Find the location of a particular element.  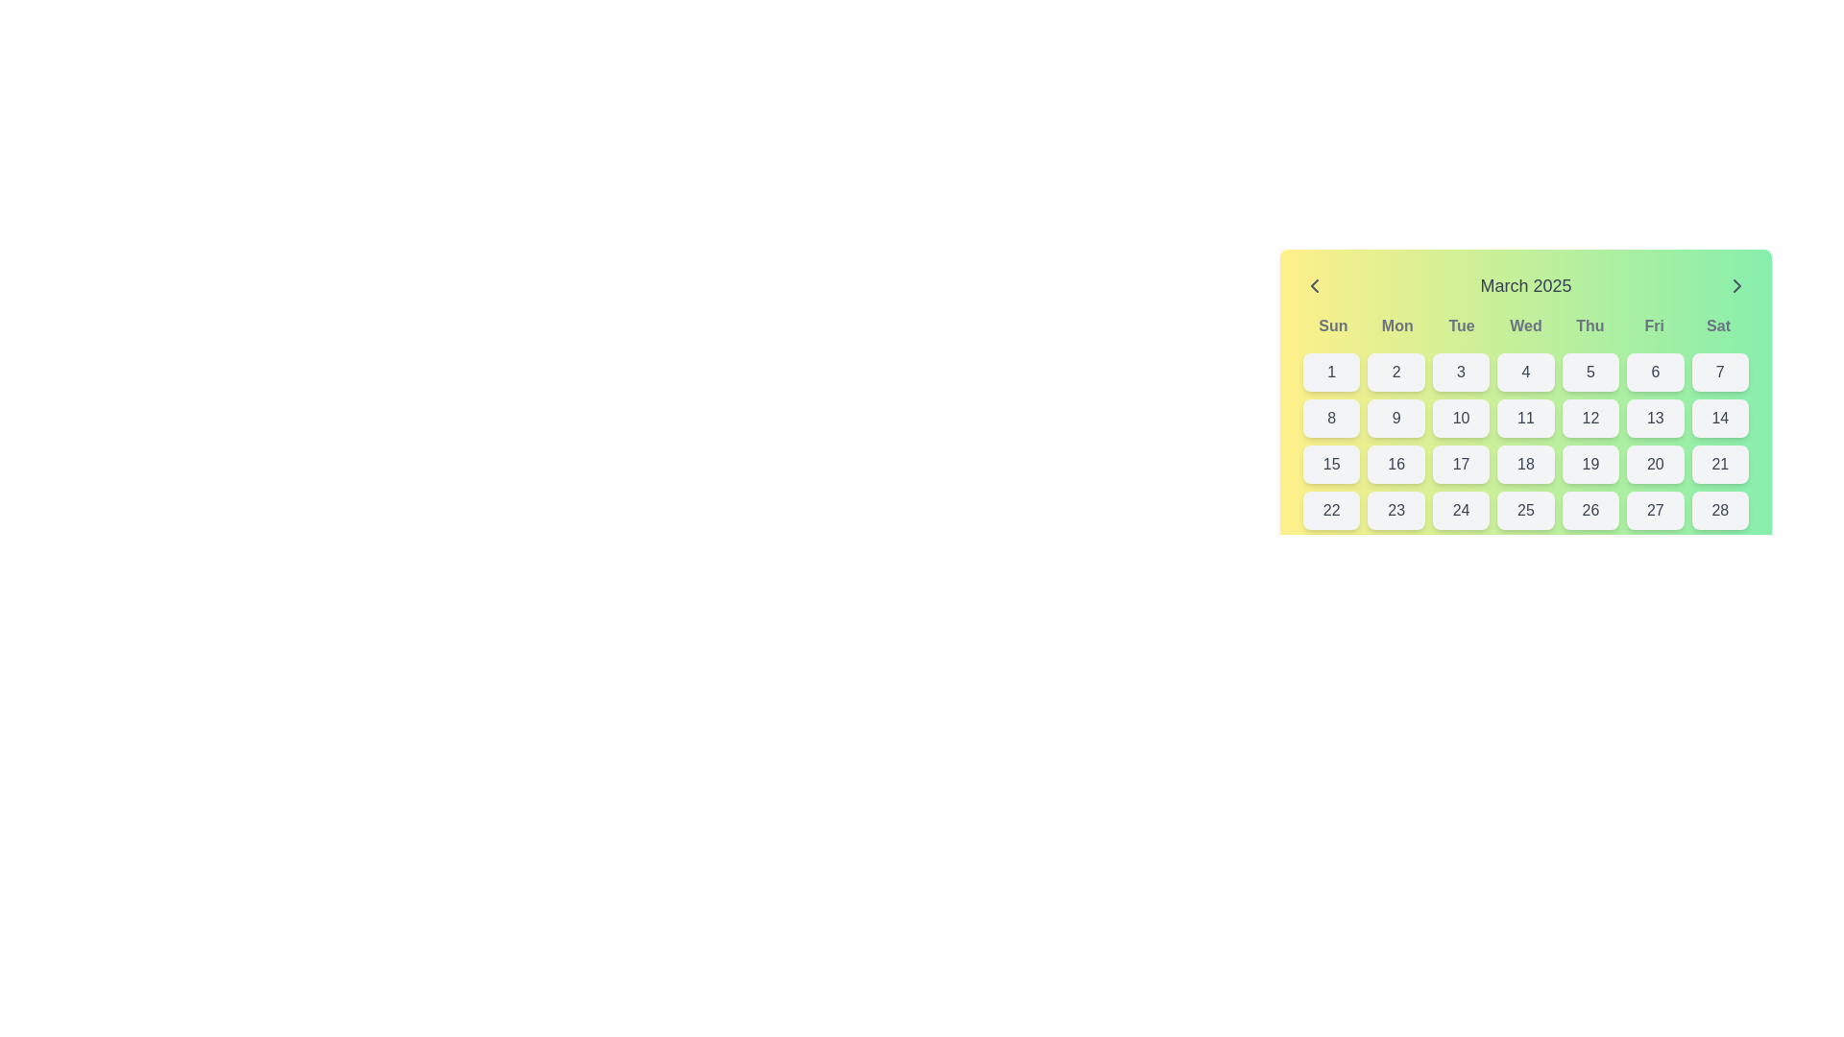

the button representing the second day in the calendar grid is located at coordinates (1396, 373).